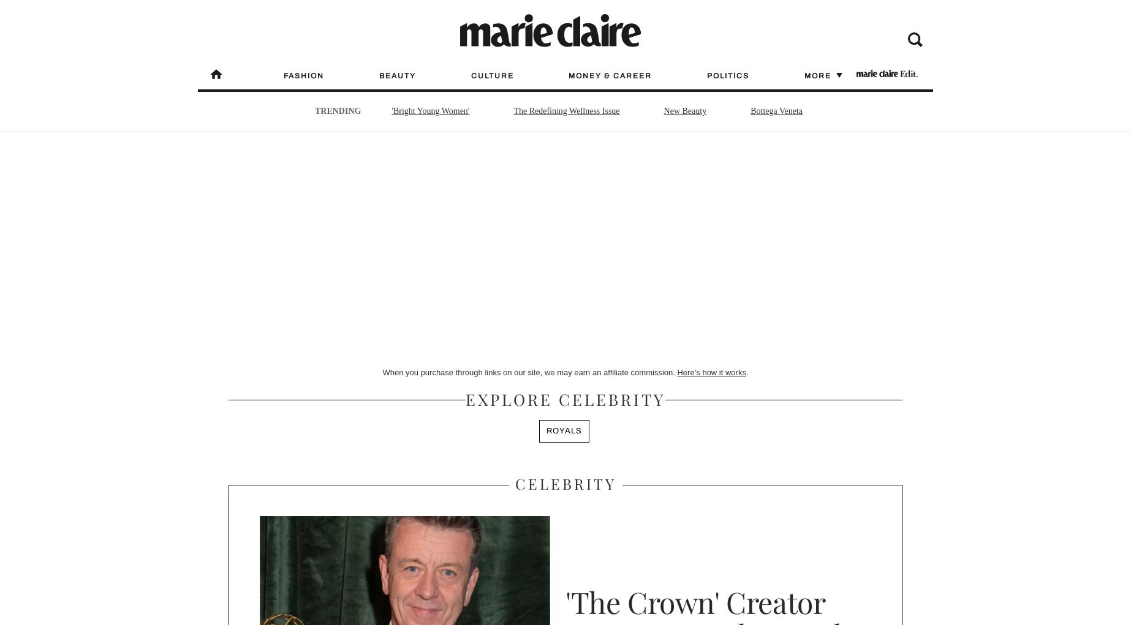 The height and width of the screenshot is (625, 1131). I want to click on 'Explore Celebrity', so click(565, 399).